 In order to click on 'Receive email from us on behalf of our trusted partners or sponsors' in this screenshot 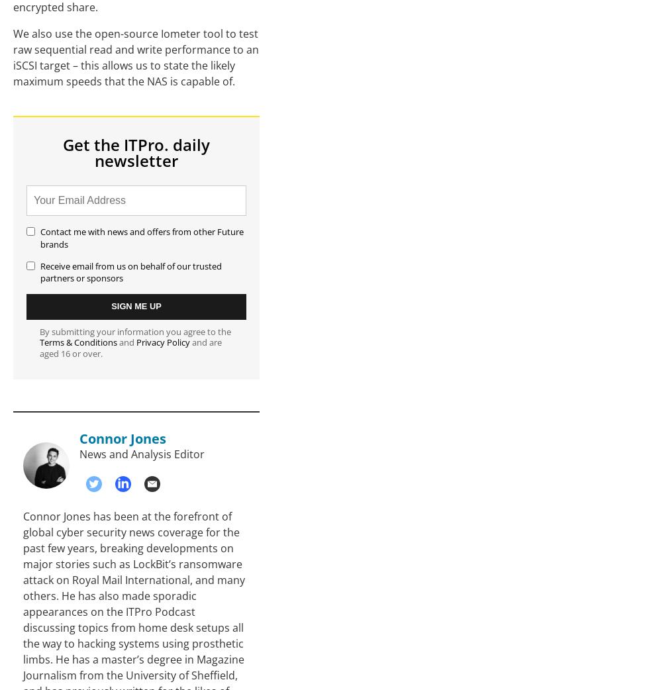, I will do `click(130, 271)`.